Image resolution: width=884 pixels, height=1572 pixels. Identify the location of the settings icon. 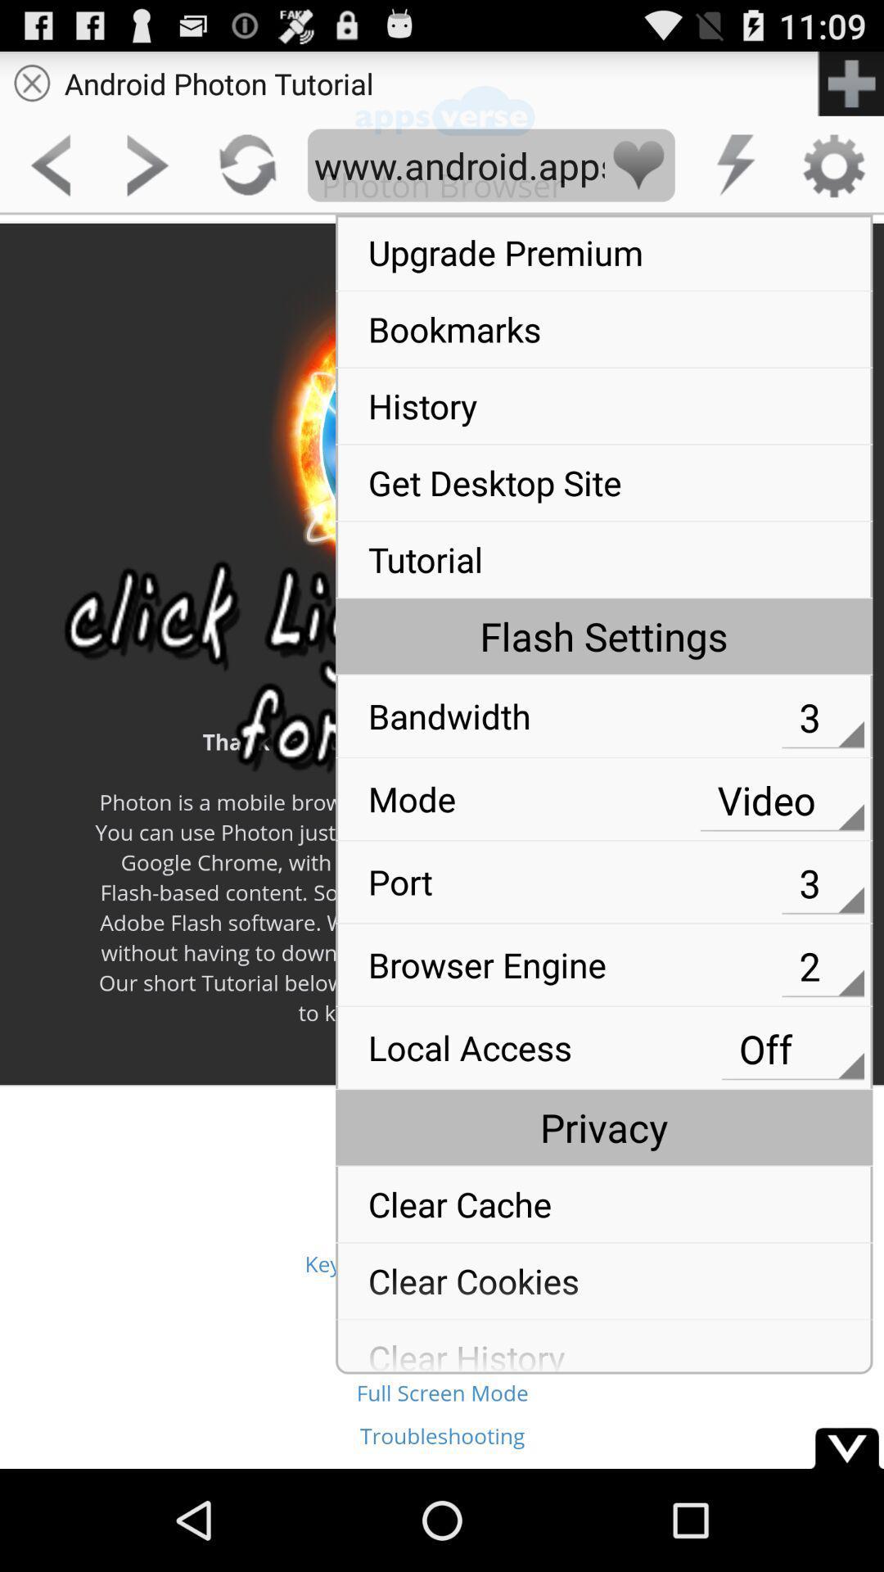
(834, 177).